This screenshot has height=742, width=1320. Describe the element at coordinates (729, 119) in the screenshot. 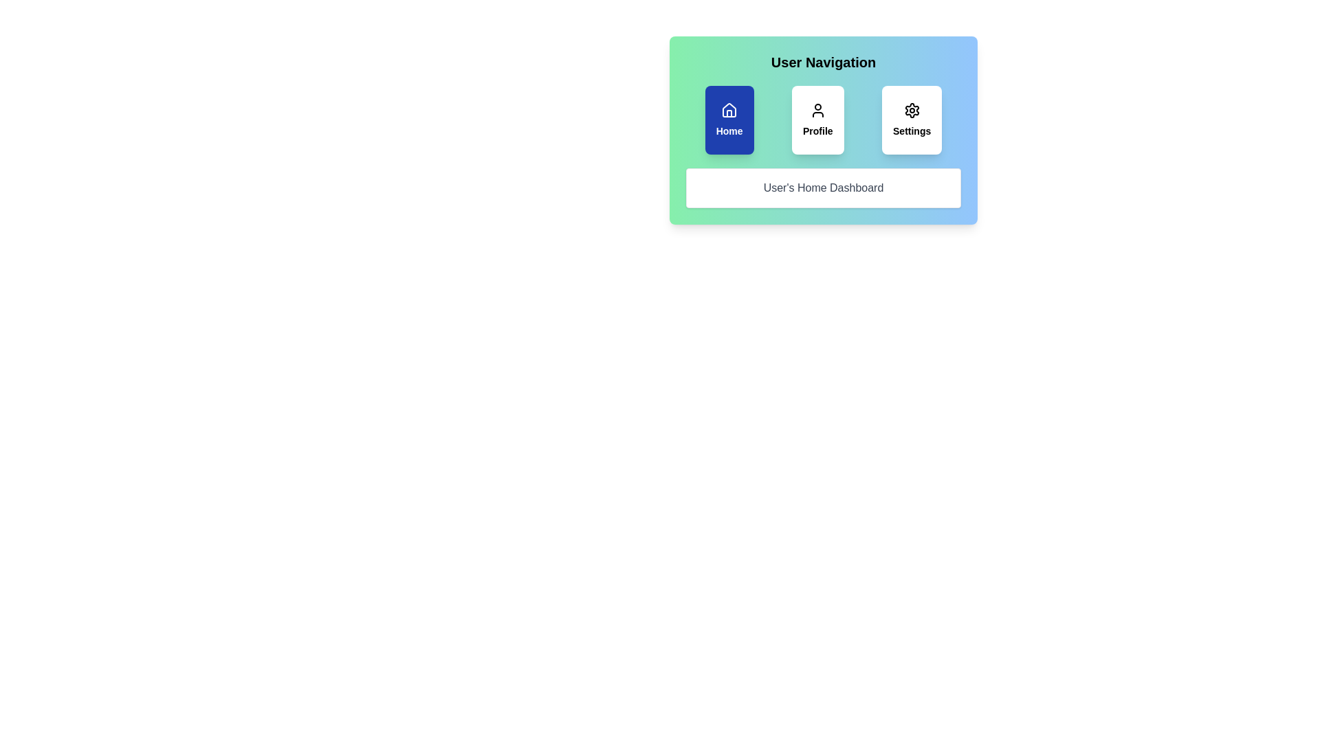

I see `the Home tab by clicking on its respective button` at that location.